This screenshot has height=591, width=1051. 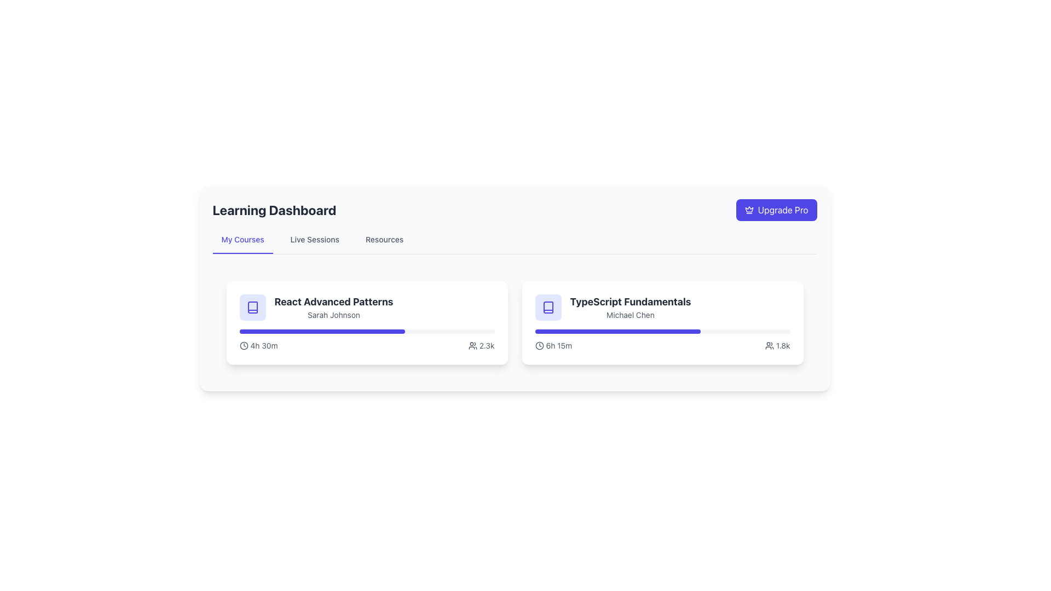 What do you see at coordinates (242, 253) in the screenshot?
I see `the styling changes of the decorative indicator for the active navigation tab located below the 'My Courses' text in the navigation bar` at bounding box center [242, 253].